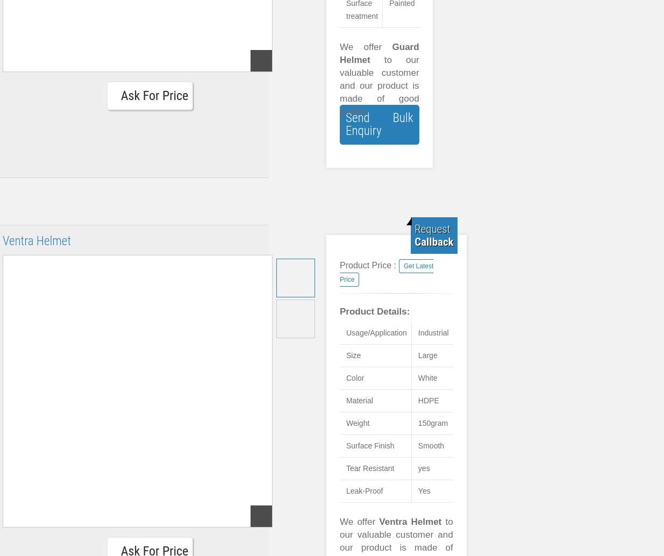 The image size is (664, 556). I want to click on 'Color', so click(355, 378).